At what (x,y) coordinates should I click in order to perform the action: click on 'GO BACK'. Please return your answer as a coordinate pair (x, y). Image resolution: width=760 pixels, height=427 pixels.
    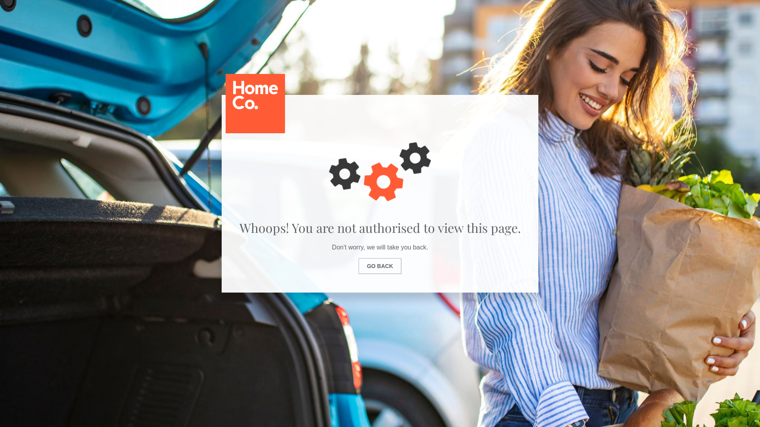
    Looking at the image, I should click on (380, 266).